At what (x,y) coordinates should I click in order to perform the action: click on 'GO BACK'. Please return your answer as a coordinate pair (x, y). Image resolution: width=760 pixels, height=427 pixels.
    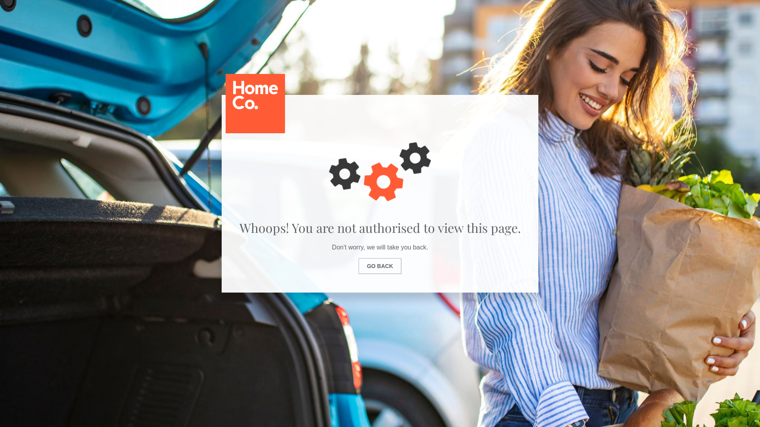
    Looking at the image, I should click on (380, 266).